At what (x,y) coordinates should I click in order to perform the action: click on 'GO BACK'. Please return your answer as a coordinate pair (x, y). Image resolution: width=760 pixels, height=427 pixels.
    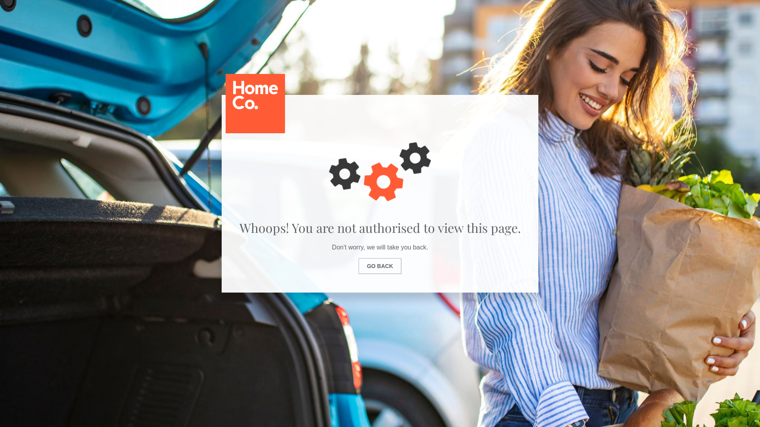
    Looking at the image, I should click on (380, 266).